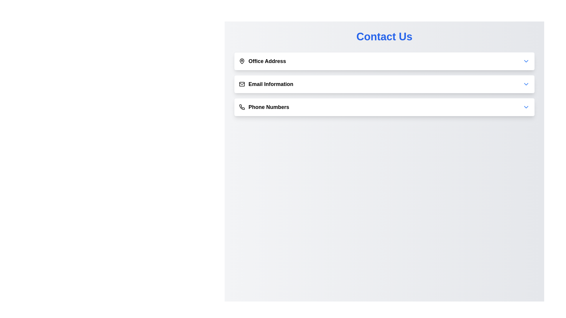 The image size is (566, 318). What do you see at coordinates (242, 84) in the screenshot?
I see `the mail icon represented as a minimalist line-drawn envelope located to the left of the 'Email Information' label` at bounding box center [242, 84].